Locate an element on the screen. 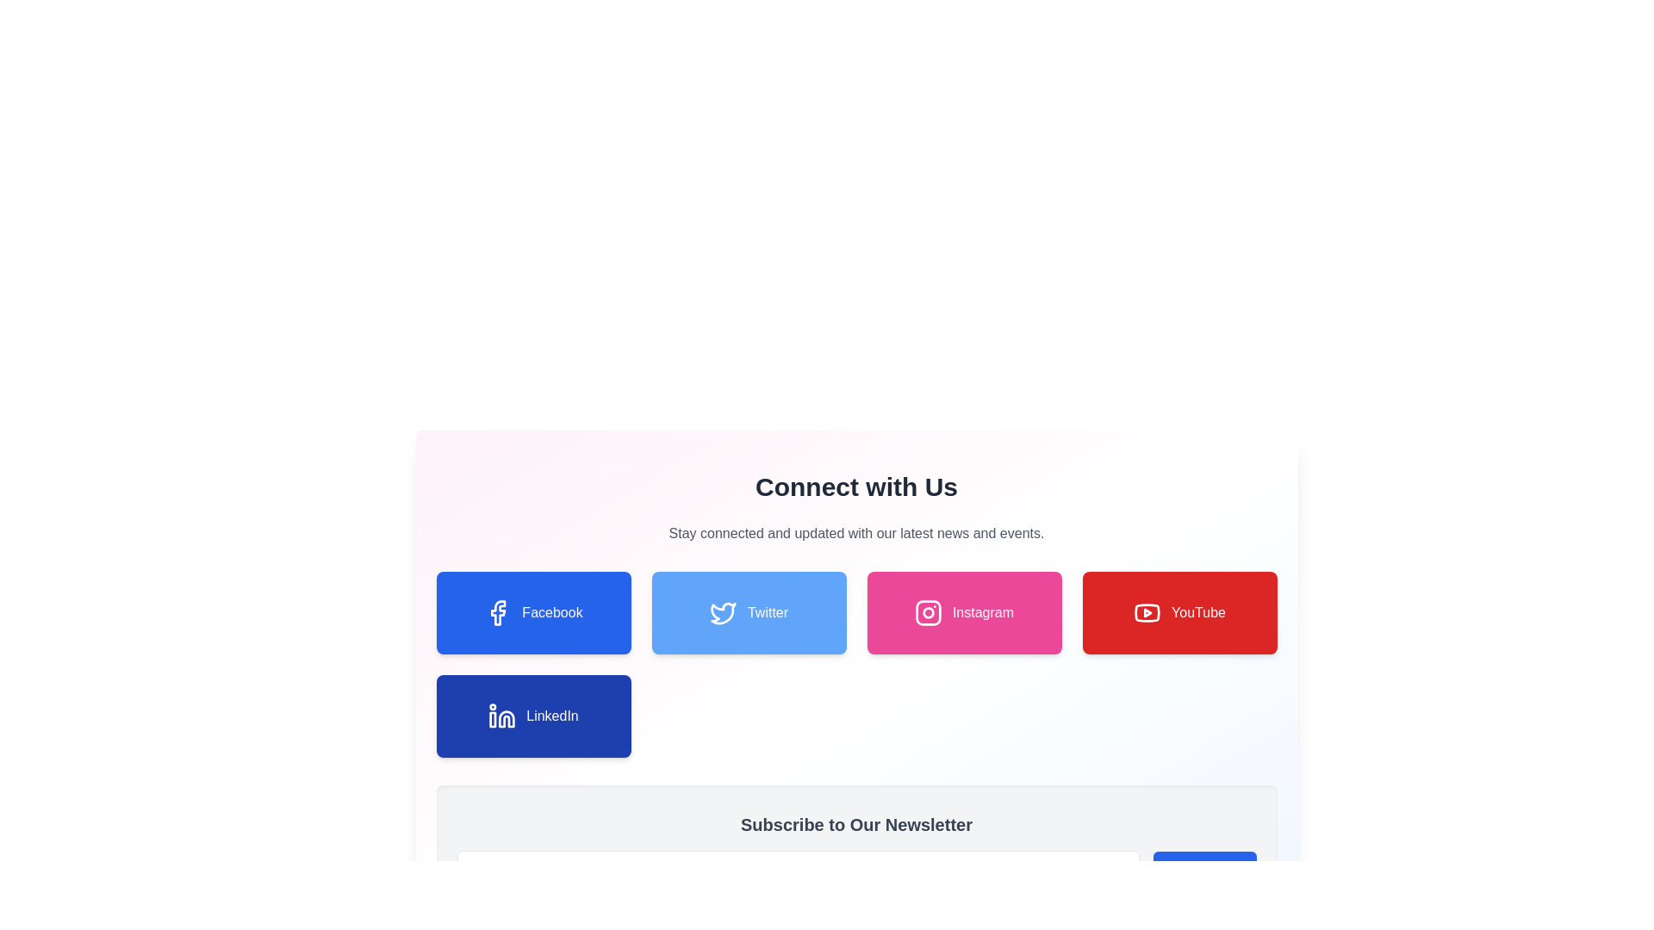 This screenshot has width=1654, height=930. the SVG area representing the Facebook logo in the first column of the social media buttons section is located at coordinates (498, 612).